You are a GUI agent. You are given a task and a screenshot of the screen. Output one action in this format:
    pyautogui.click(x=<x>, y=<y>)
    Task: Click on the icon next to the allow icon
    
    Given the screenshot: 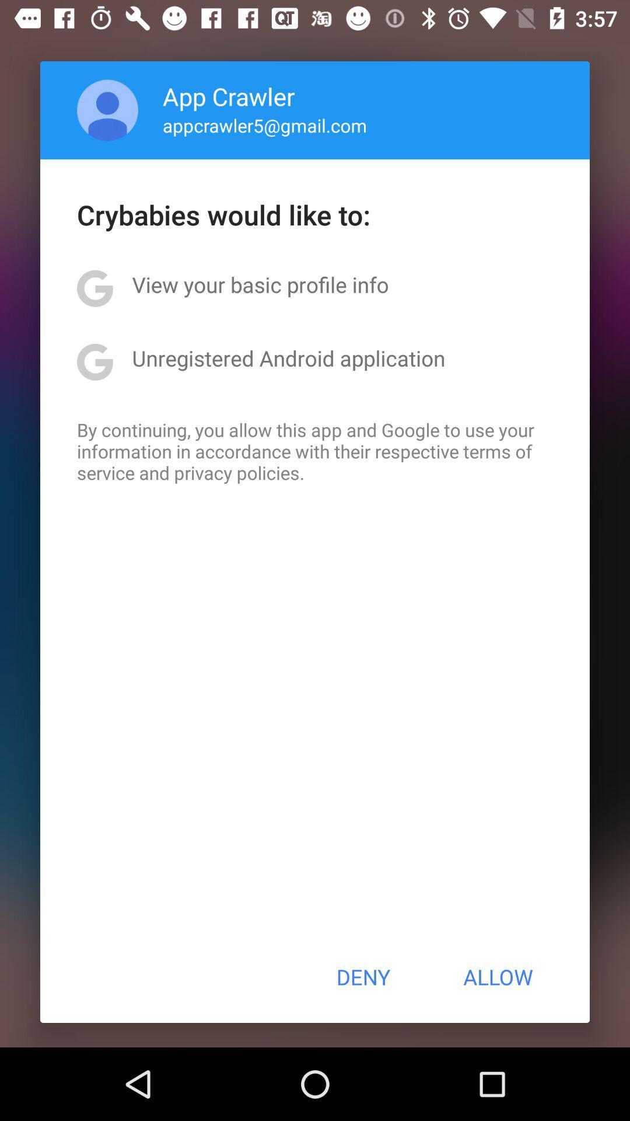 What is the action you would take?
    pyautogui.click(x=362, y=977)
    